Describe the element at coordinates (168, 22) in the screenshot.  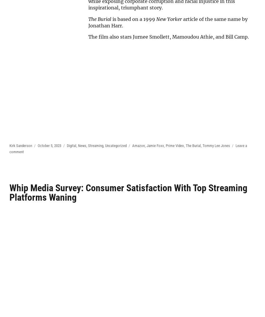
I see `'article of the same name by Jonathan Harr.'` at that location.